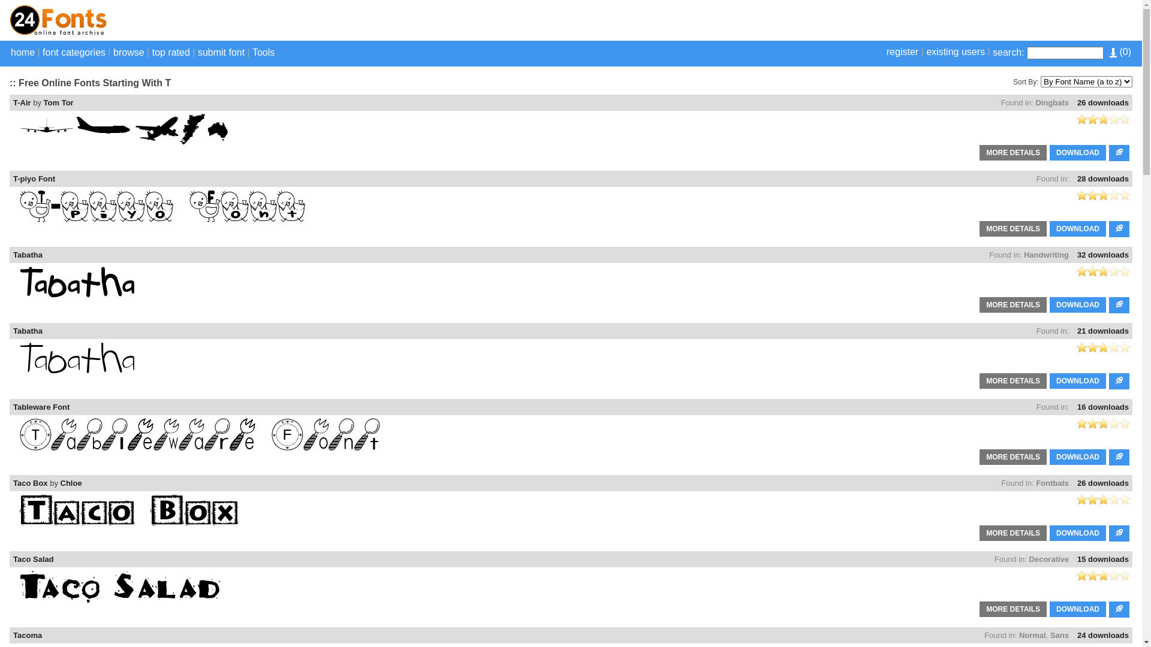 This screenshot has width=1151, height=647. Describe the element at coordinates (1012, 152) in the screenshot. I see `'MORE DETAILS'` at that location.